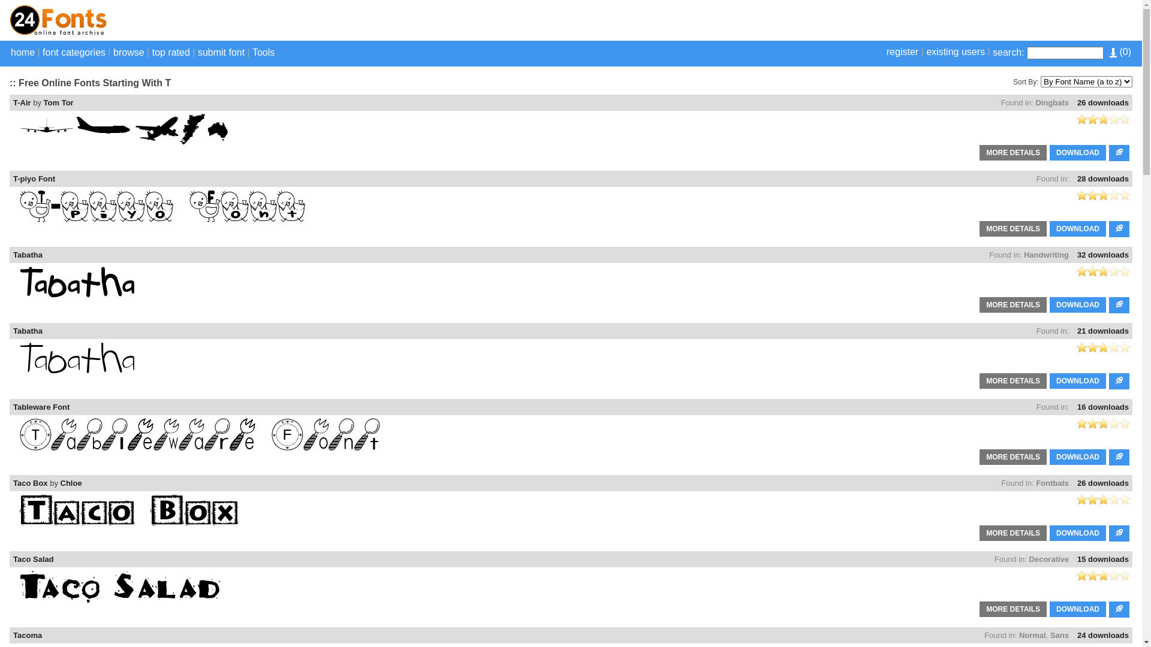 This screenshot has width=1151, height=647. Describe the element at coordinates (1012, 152) in the screenshot. I see `'MORE DETAILS'` at that location.